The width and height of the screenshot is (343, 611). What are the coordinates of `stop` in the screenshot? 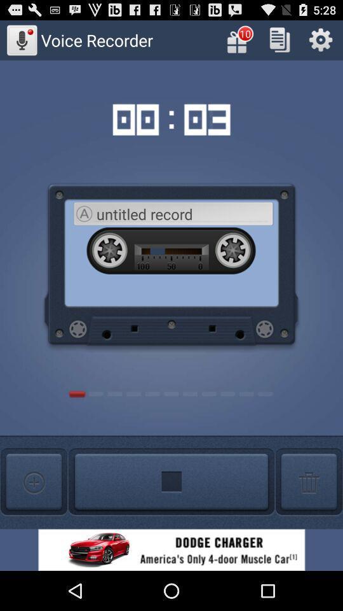 It's located at (171, 481).